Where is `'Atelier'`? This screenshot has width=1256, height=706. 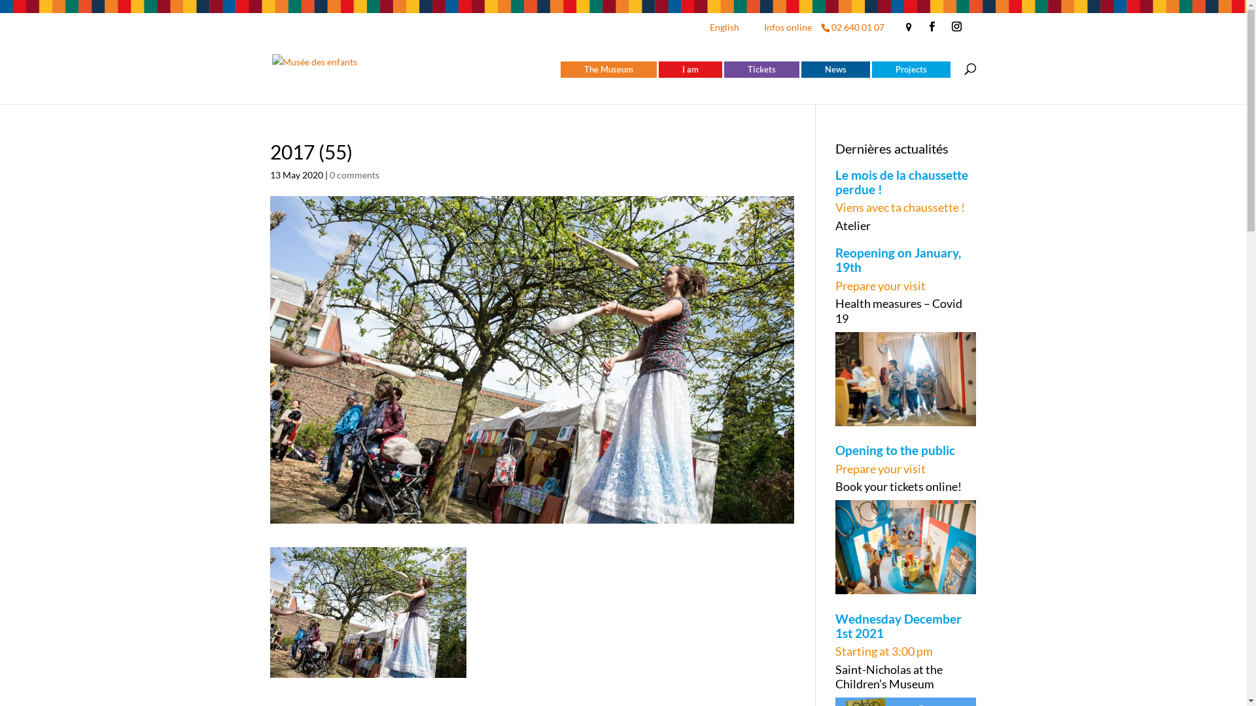 'Atelier' is located at coordinates (905, 224).